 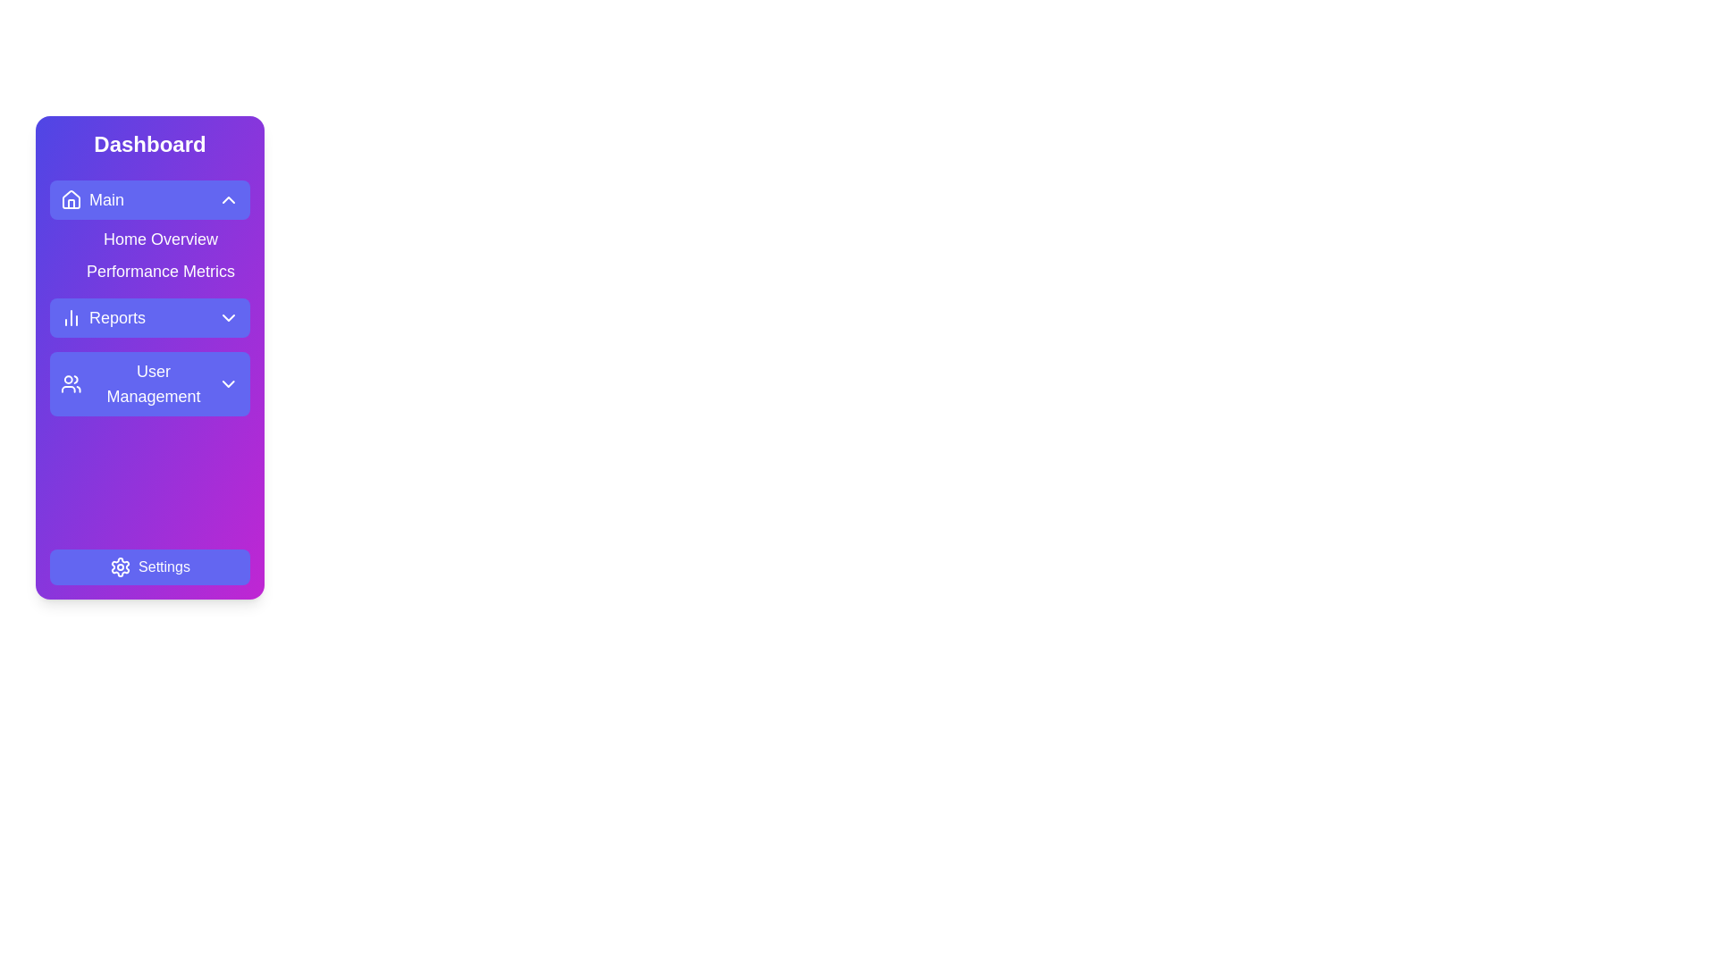 What do you see at coordinates (161, 272) in the screenshot?
I see `the 'Performance Metrics' navigation link to trigger its visual hover effect, which changes its color against the purple background` at bounding box center [161, 272].